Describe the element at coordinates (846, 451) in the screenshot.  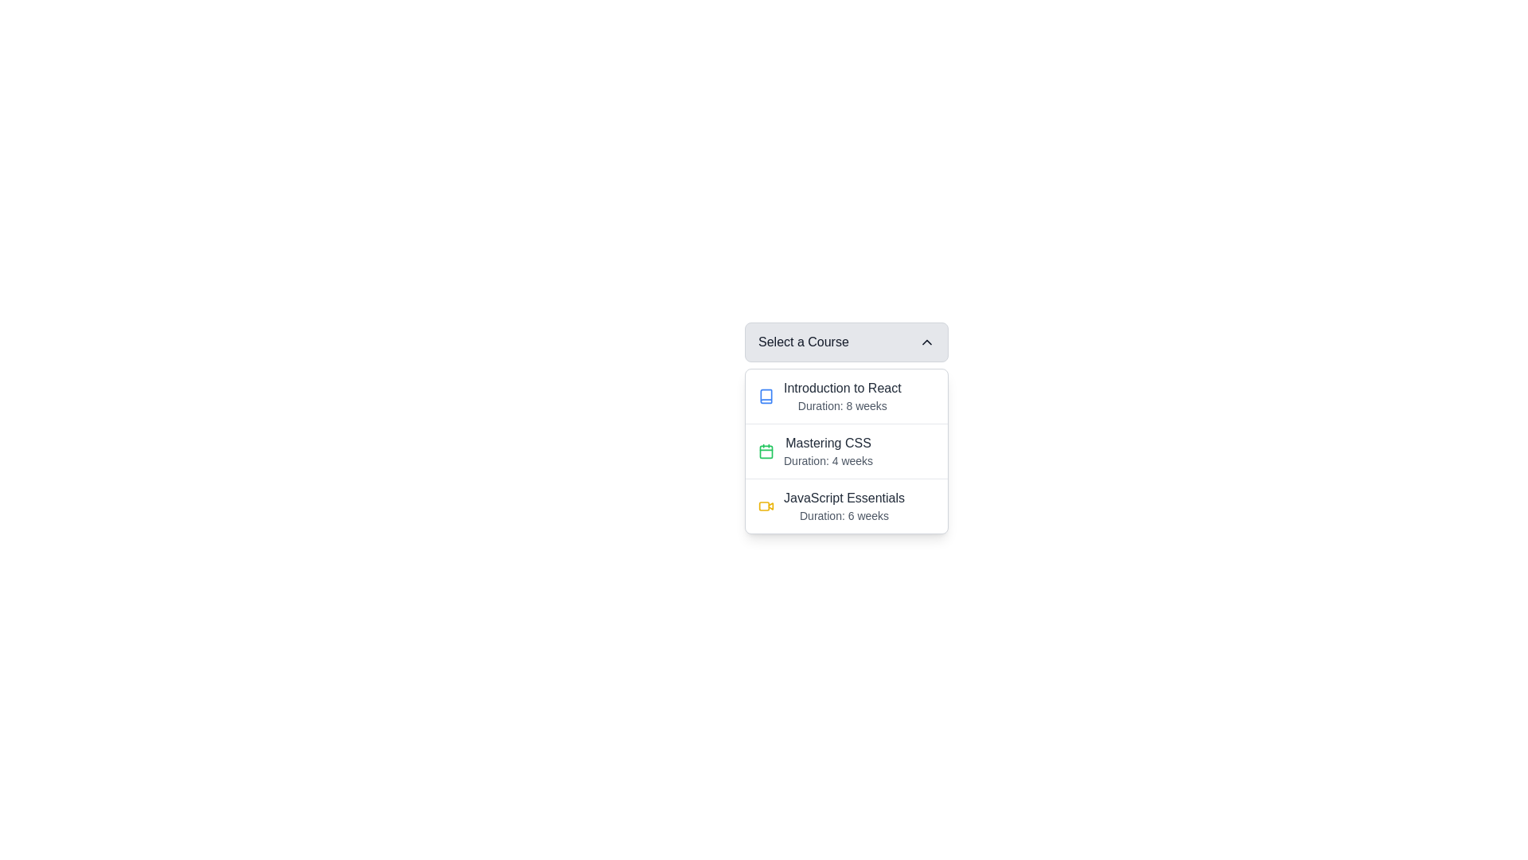
I see `the second course card in the dropdown menu labeled 'Select a Course'` at that location.